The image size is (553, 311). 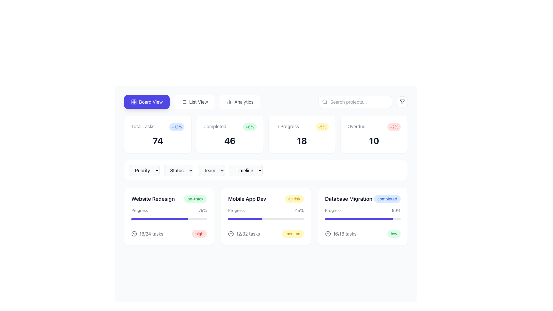 What do you see at coordinates (402, 102) in the screenshot?
I see `the circular button with a white background and a dark gray outlined funnel icon located at the top-right corner of the main interface to apply or modify filters` at bounding box center [402, 102].